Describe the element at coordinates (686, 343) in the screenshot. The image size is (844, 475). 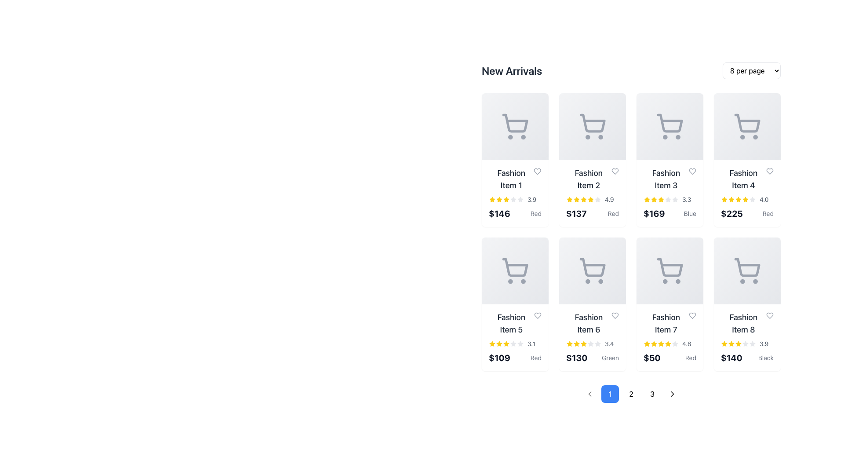
I see `the numerical rating display showing '4.8' in gray font, located in the bottom-right corner of the card for 'Fashion Item 7'` at that location.